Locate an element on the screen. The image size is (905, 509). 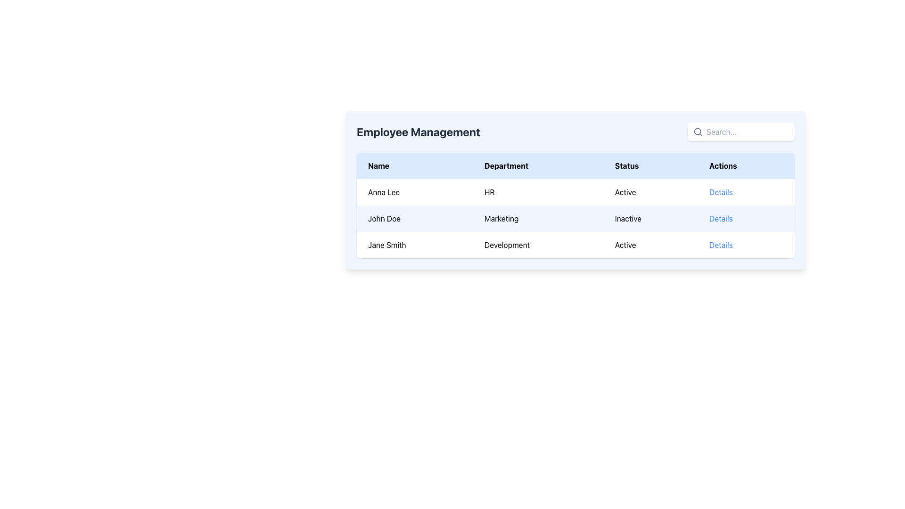
the 'Details' link in the Actions column of the second row corresponding to the 'John Doe' entry is located at coordinates (720, 218).